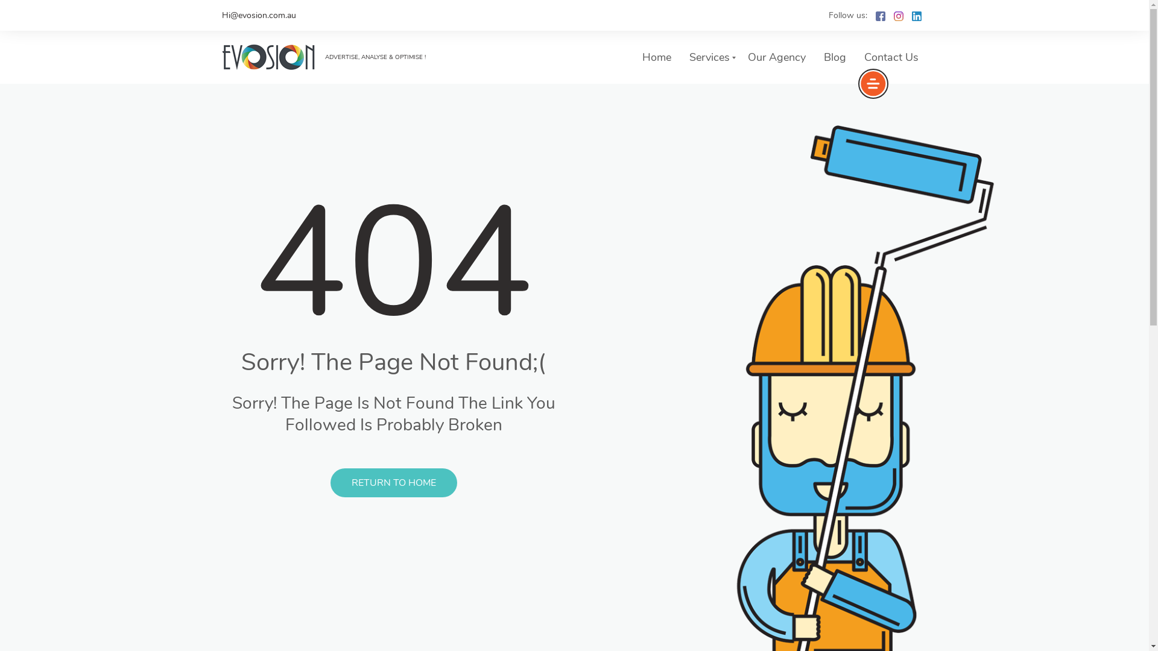 The height and width of the screenshot is (651, 1158). I want to click on 'RETURN TO HOME', so click(393, 482).